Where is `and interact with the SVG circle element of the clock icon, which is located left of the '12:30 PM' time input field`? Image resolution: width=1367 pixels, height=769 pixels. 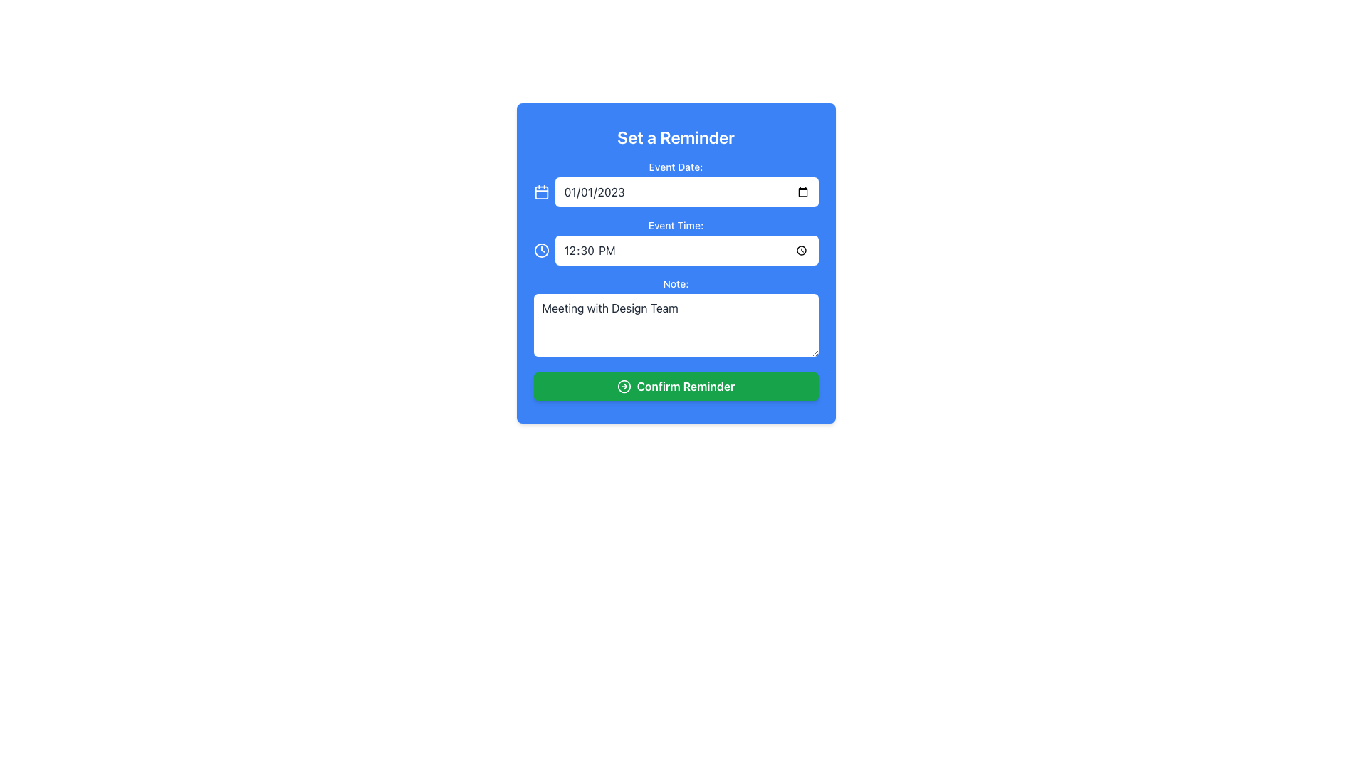
and interact with the SVG circle element of the clock icon, which is located left of the '12:30 PM' time input field is located at coordinates (540, 249).